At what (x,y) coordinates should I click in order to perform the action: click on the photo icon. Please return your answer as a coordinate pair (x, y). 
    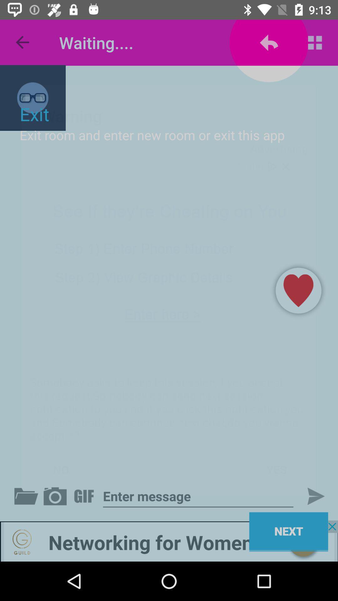
    Looking at the image, I should click on (56, 496).